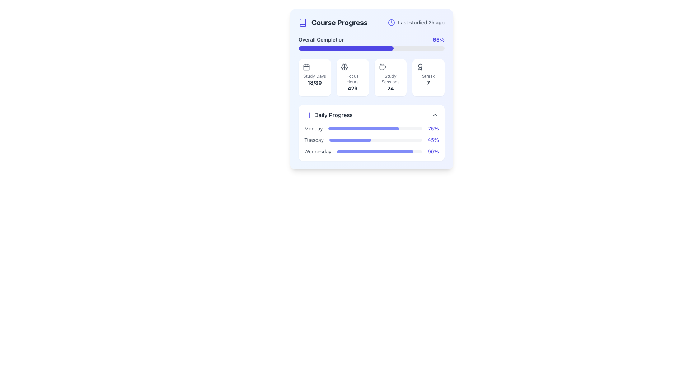  Describe the element at coordinates (350, 140) in the screenshot. I see `the filled portion of the progress bar segment representing 45% progress for Tuesday in the Daily Progress metrics` at that location.